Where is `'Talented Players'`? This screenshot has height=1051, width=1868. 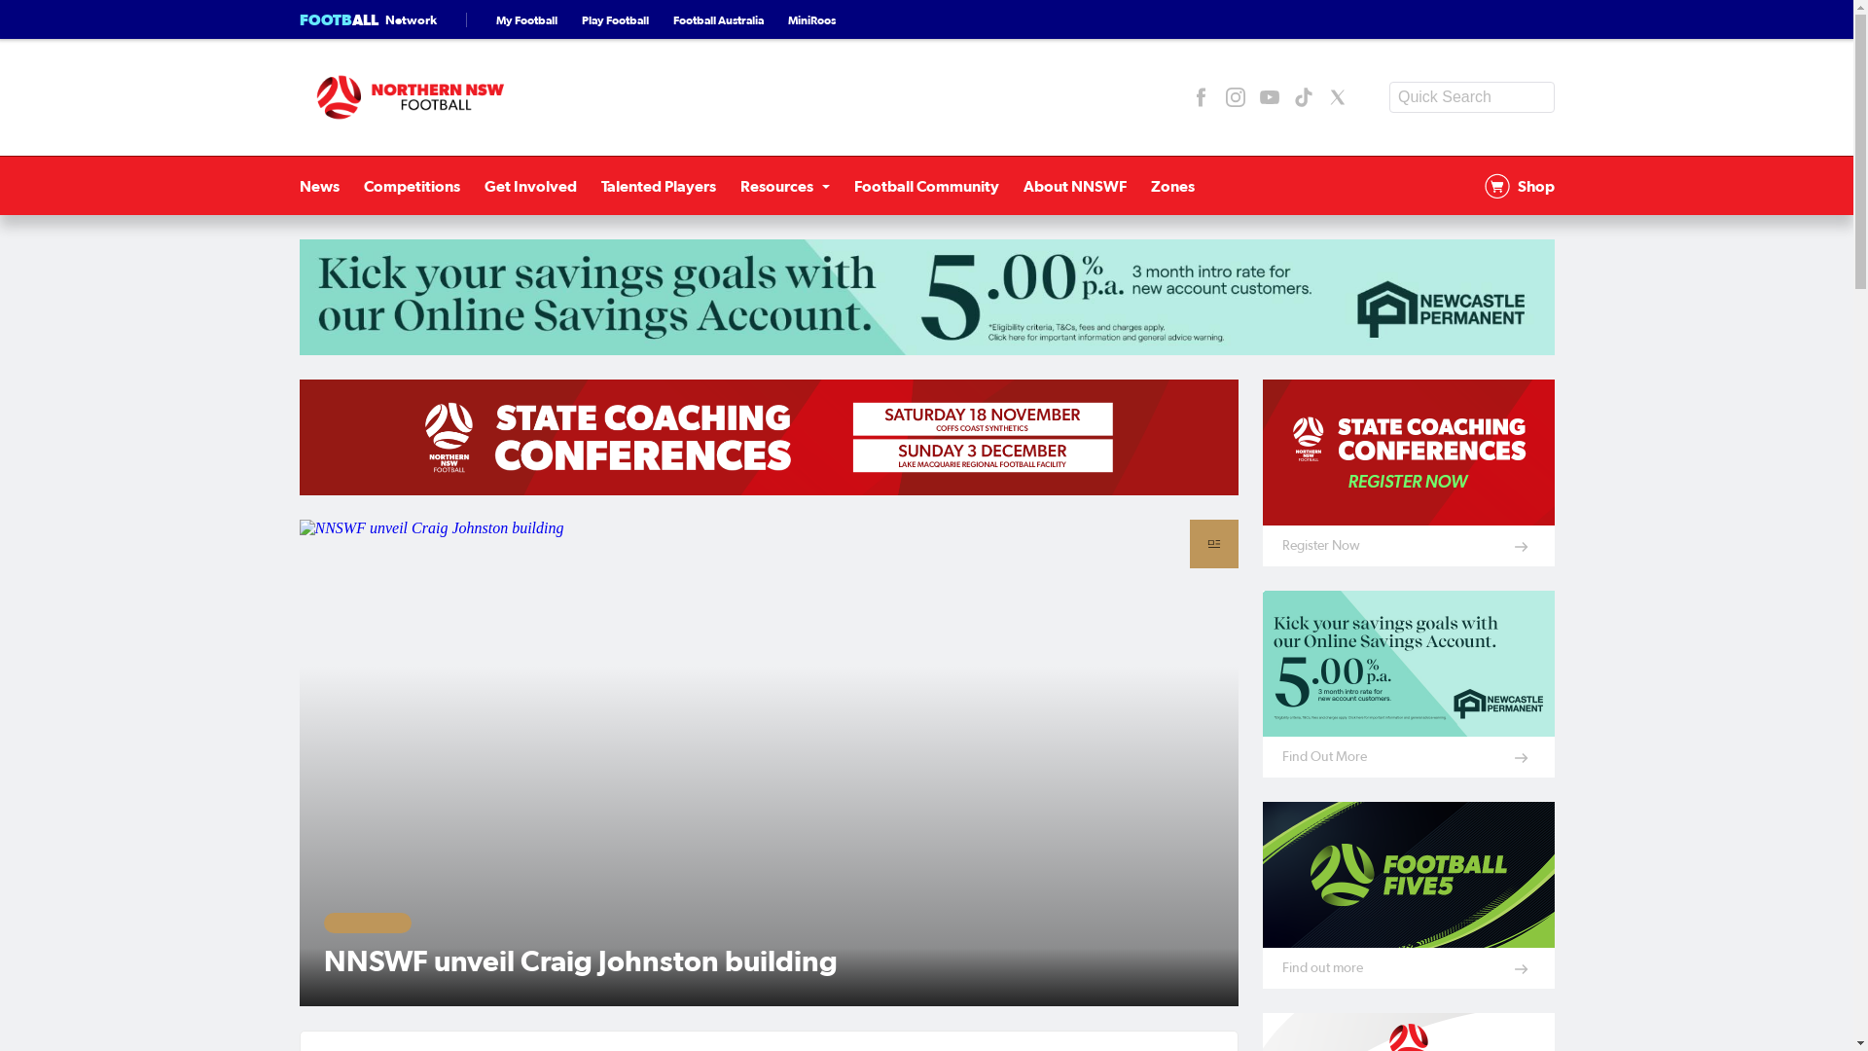 'Talented Players' is located at coordinates (658, 186).